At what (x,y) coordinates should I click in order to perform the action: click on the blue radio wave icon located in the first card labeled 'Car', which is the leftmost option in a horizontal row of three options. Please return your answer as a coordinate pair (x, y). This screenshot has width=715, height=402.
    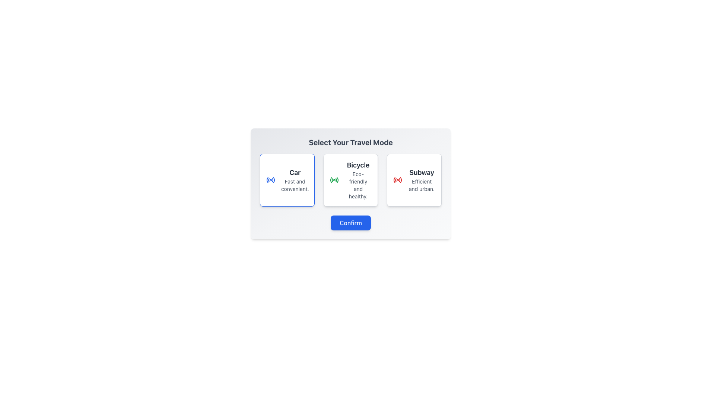
    Looking at the image, I should click on (270, 180).